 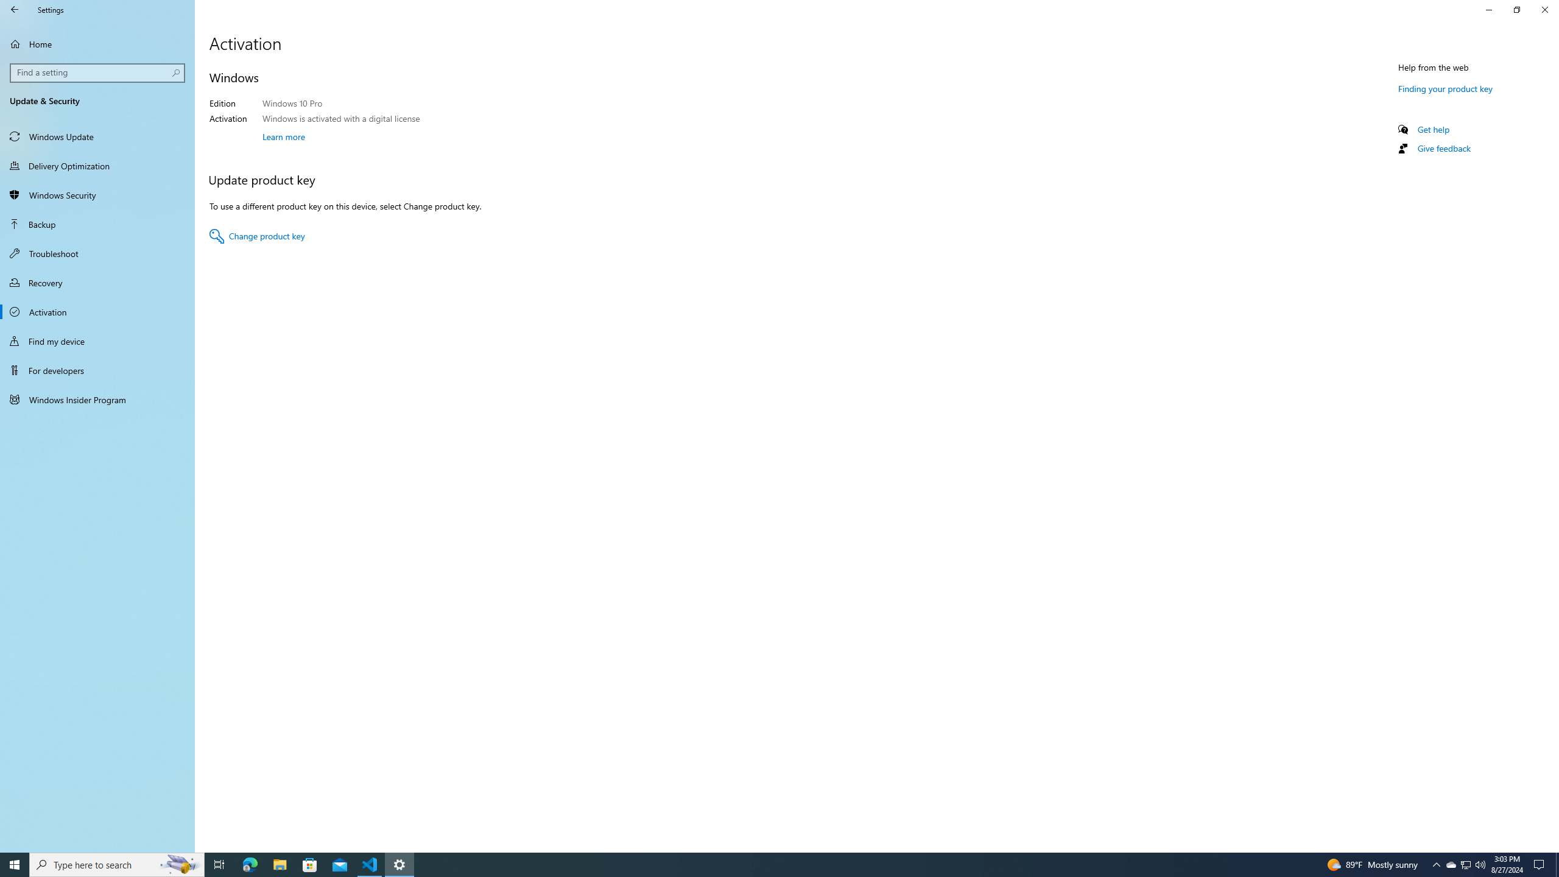 What do you see at coordinates (399, 864) in the screenshot?
I see `'Settings - 1 running window'` at bounding box center [399, 864].